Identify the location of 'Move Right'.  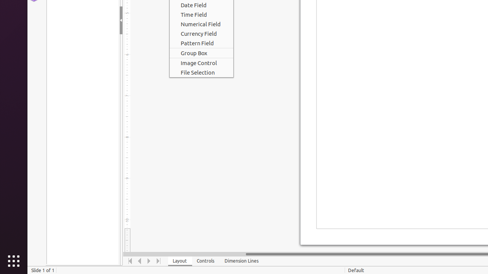
(149, 261).